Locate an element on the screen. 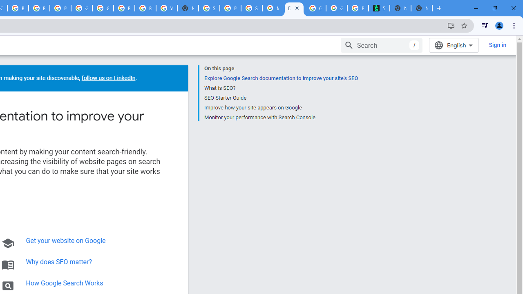 The height and width of the screenshot is (294, 523). 'How Google Search Works' is located at coordinates (64, 283).